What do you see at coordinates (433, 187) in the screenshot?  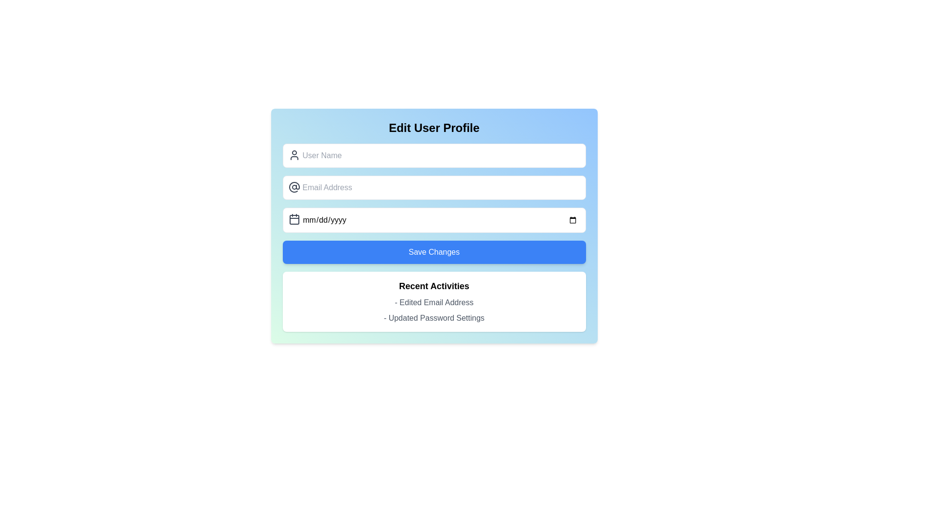 I see `the Email input field in the 'Edit User Profile' form` at bounding box center [433, 187].